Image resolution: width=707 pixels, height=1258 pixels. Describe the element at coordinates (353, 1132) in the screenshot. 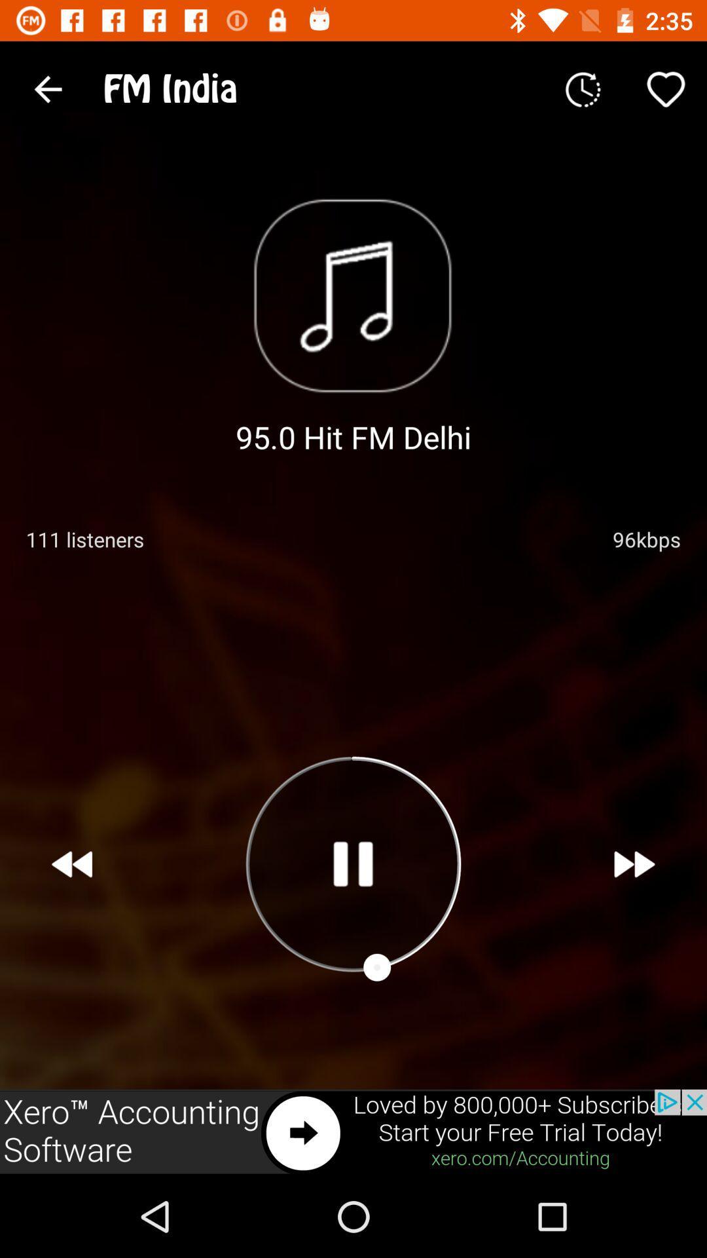

I see `advertisement for xero accounting software` at that location.